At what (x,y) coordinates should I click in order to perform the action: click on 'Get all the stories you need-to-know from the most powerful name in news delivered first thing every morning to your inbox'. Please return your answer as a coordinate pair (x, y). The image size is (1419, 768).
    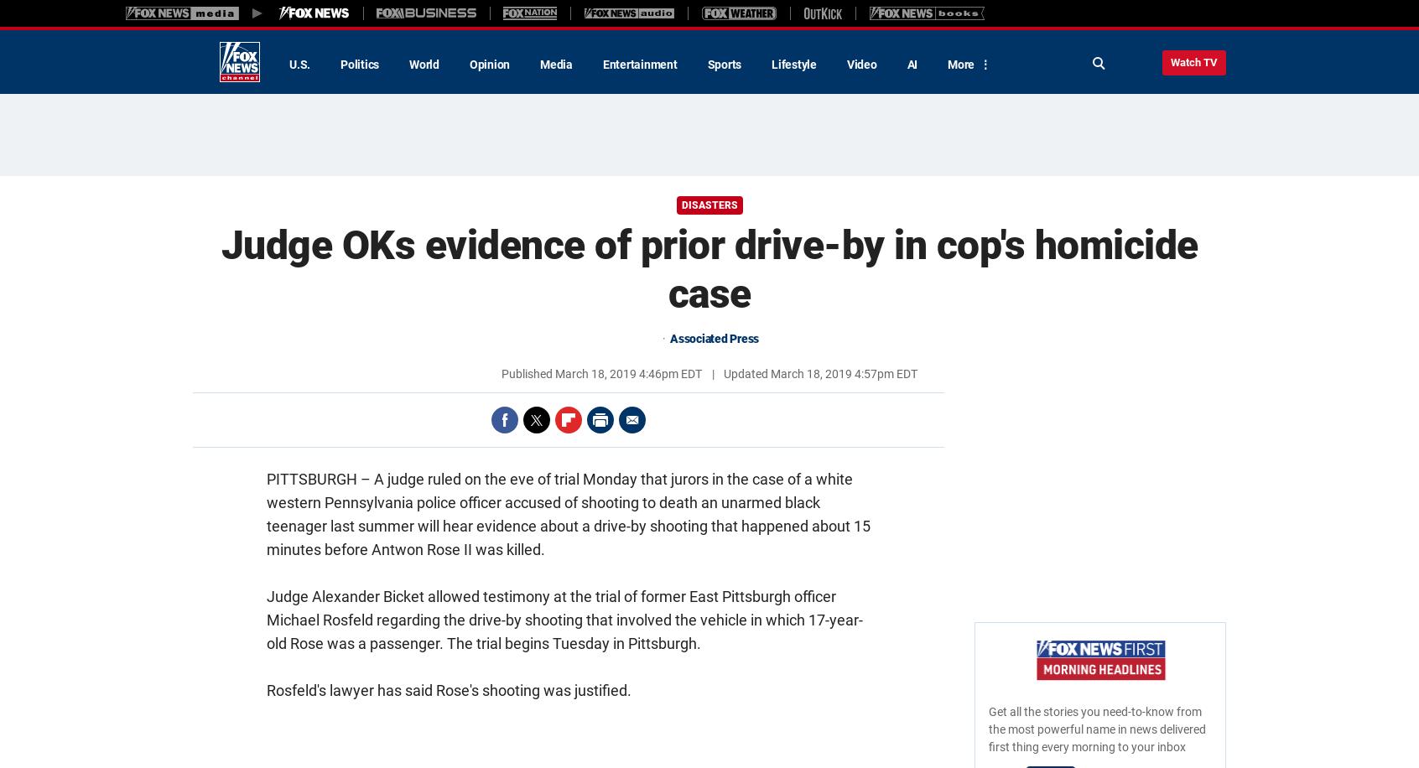
    Looking at the image, I should click on (1096, 729).